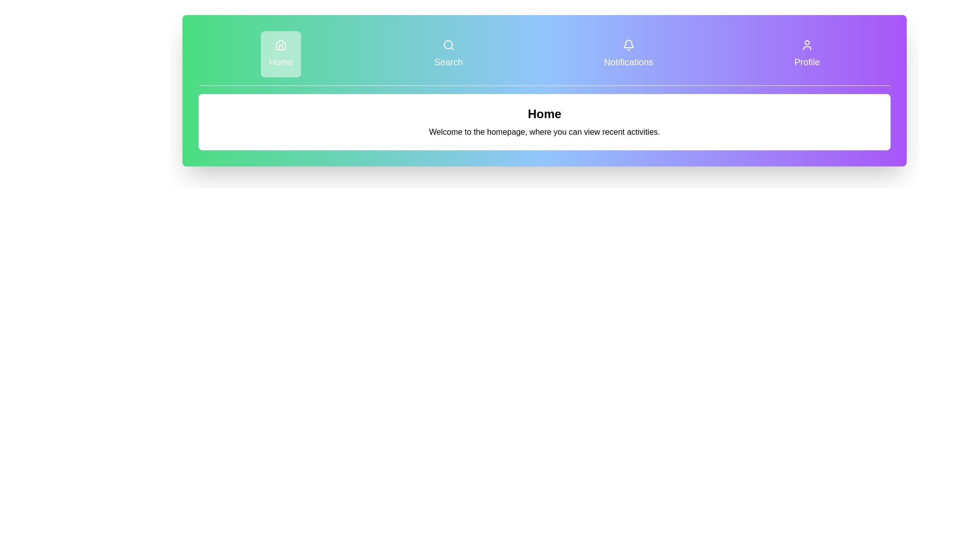 The height and width of the screenshot is (543, 965). Describe the element at coordinates (628, 54) in the screenshot. I see `the tab labeled Notifications to navigate to it` at that location.